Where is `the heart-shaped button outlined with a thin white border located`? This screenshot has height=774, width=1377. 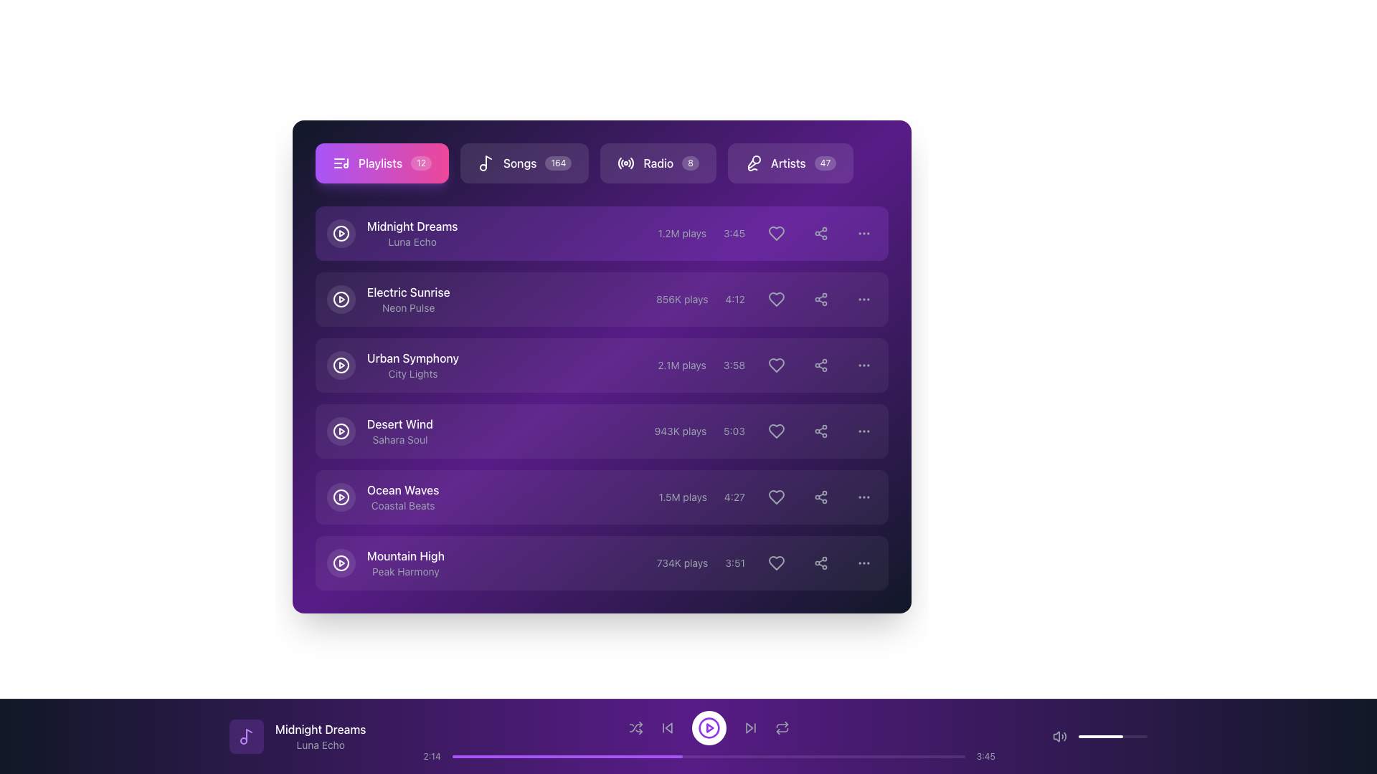 the heart-shaped button outlined with a thin white border located is located at coordinates (776, 563).